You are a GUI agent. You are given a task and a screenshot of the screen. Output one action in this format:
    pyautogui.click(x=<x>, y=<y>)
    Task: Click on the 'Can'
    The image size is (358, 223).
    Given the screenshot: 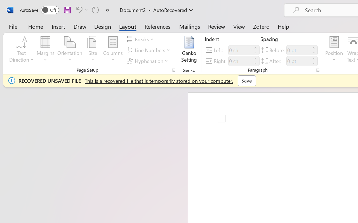 What is the action you would take?
    pyautogui.click(x=95, y=9)
    